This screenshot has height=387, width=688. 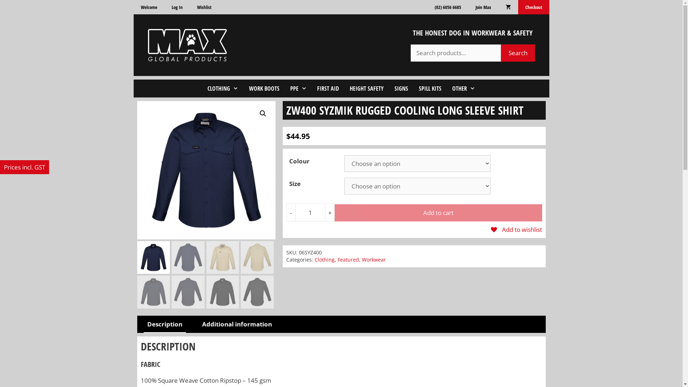 I want to click on 'Search', so click(x=518, y=52).